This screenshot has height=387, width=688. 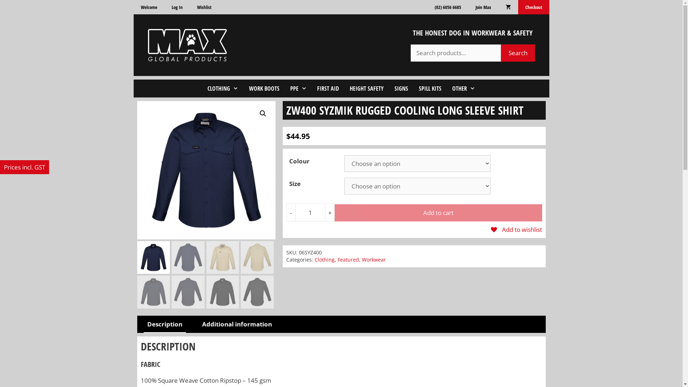 I want to click on 'Search', so click(x=518, y=52).